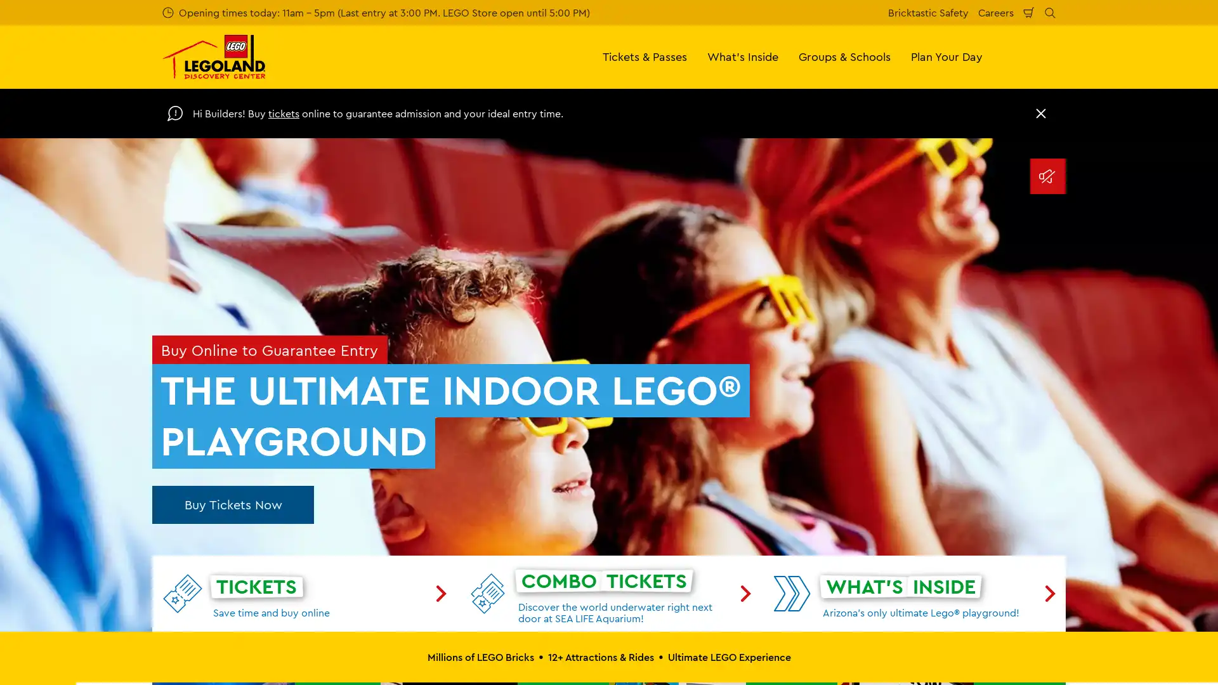 This screenshot has height=685, width=1218. I want to click on Shopping Cart, so click(1029, 12).